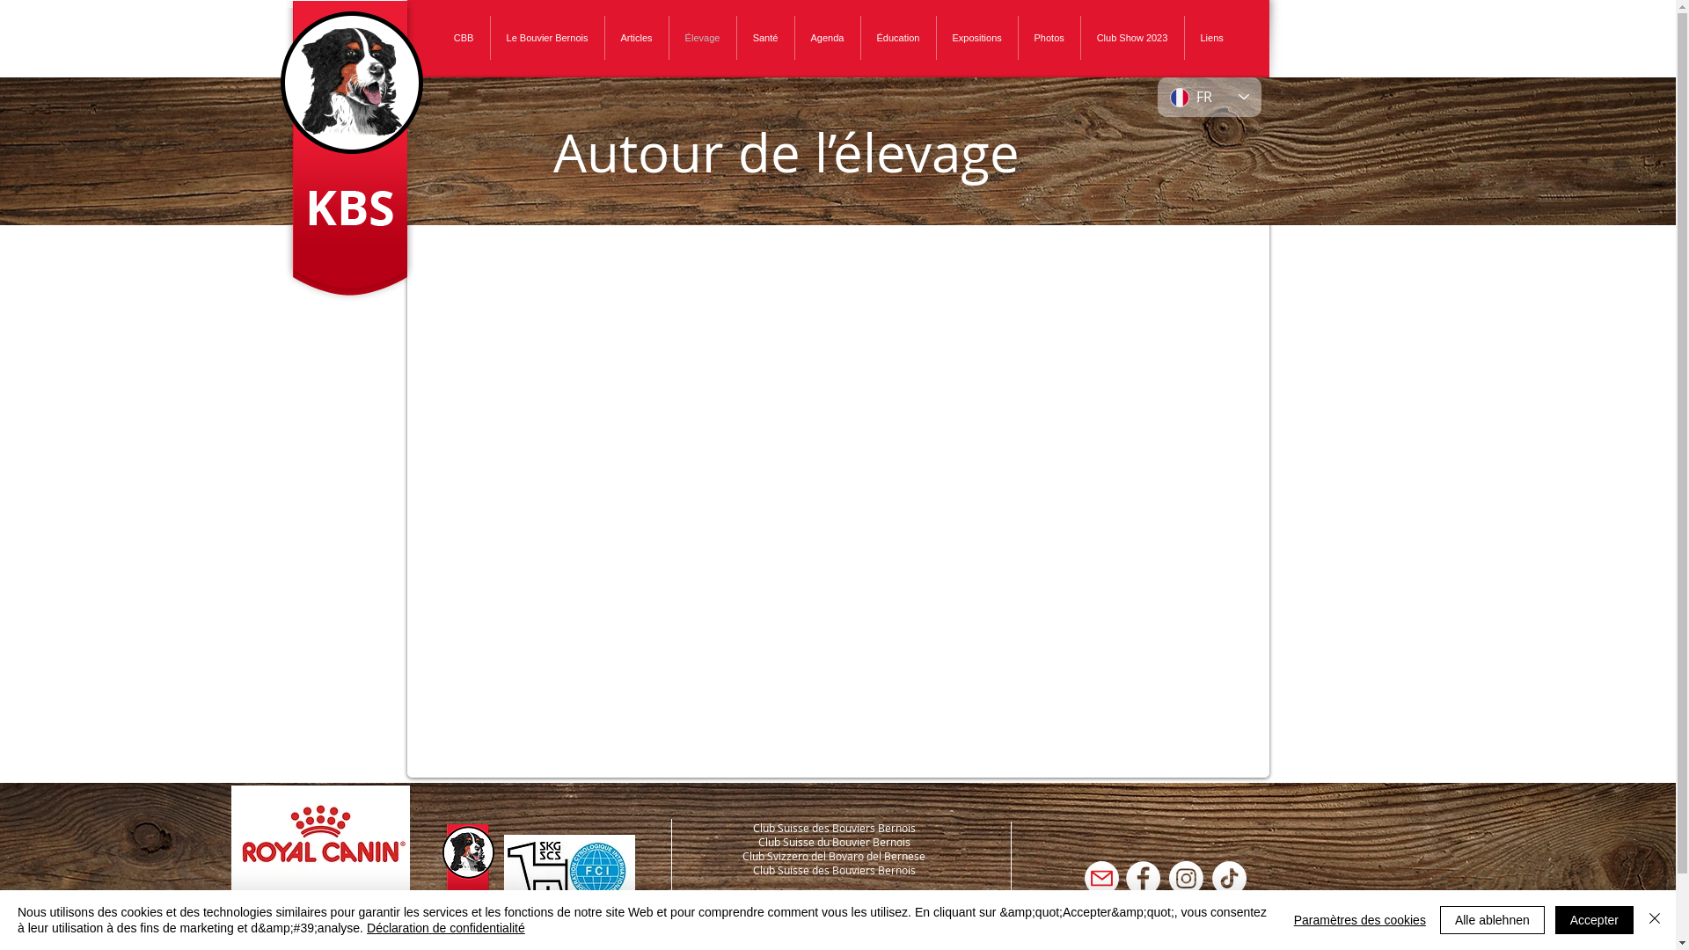  I want to click on 'Accepter', so click(1554, 918).